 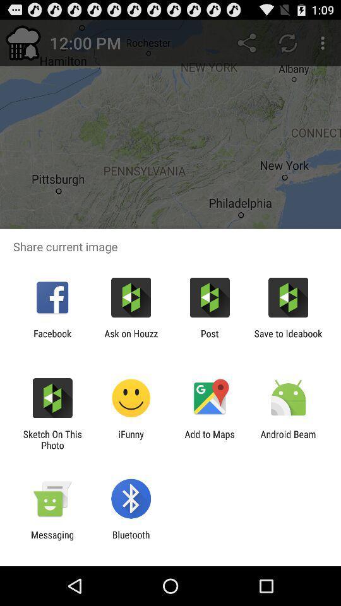 I want to click on the item next to sketch on this app, so click(x=130, y=439).